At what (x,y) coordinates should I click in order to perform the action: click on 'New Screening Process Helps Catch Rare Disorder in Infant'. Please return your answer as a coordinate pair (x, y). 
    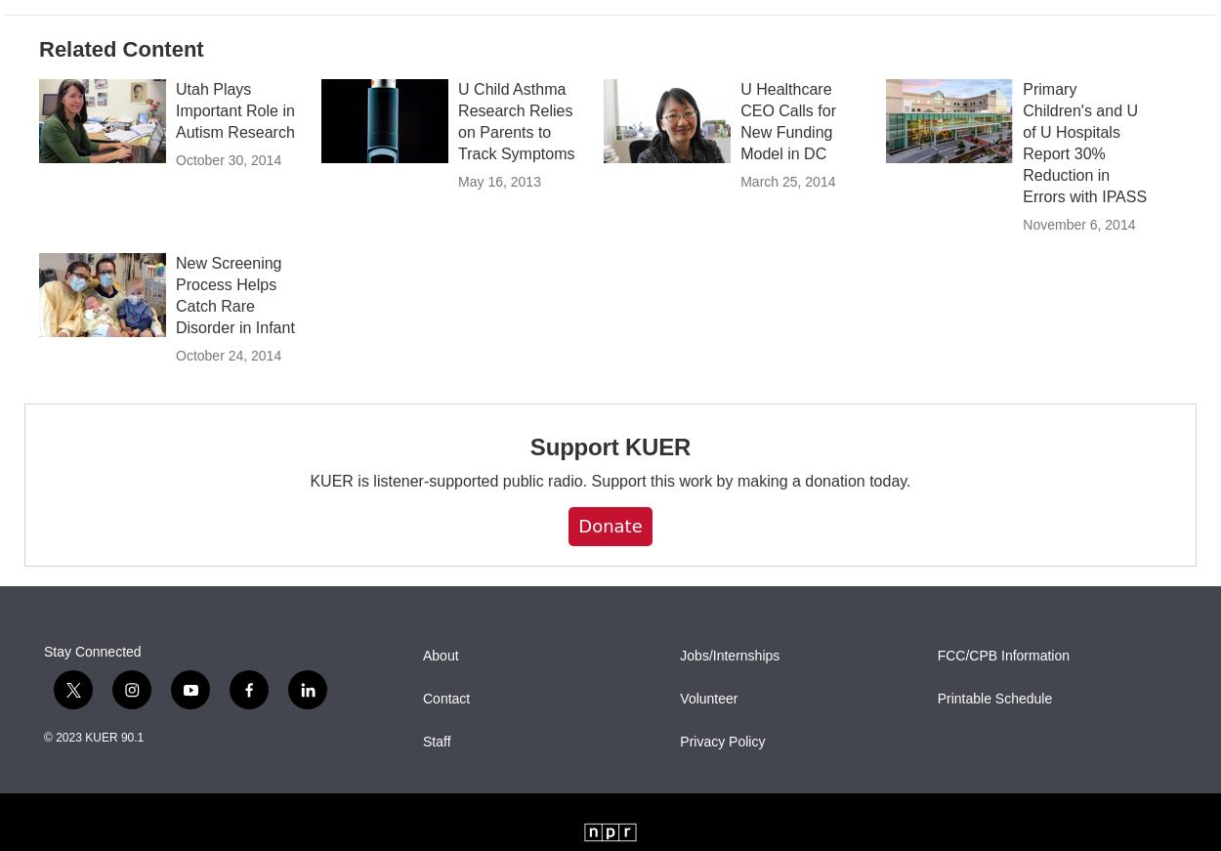
    Looking at the image, I should click on (233, 336).